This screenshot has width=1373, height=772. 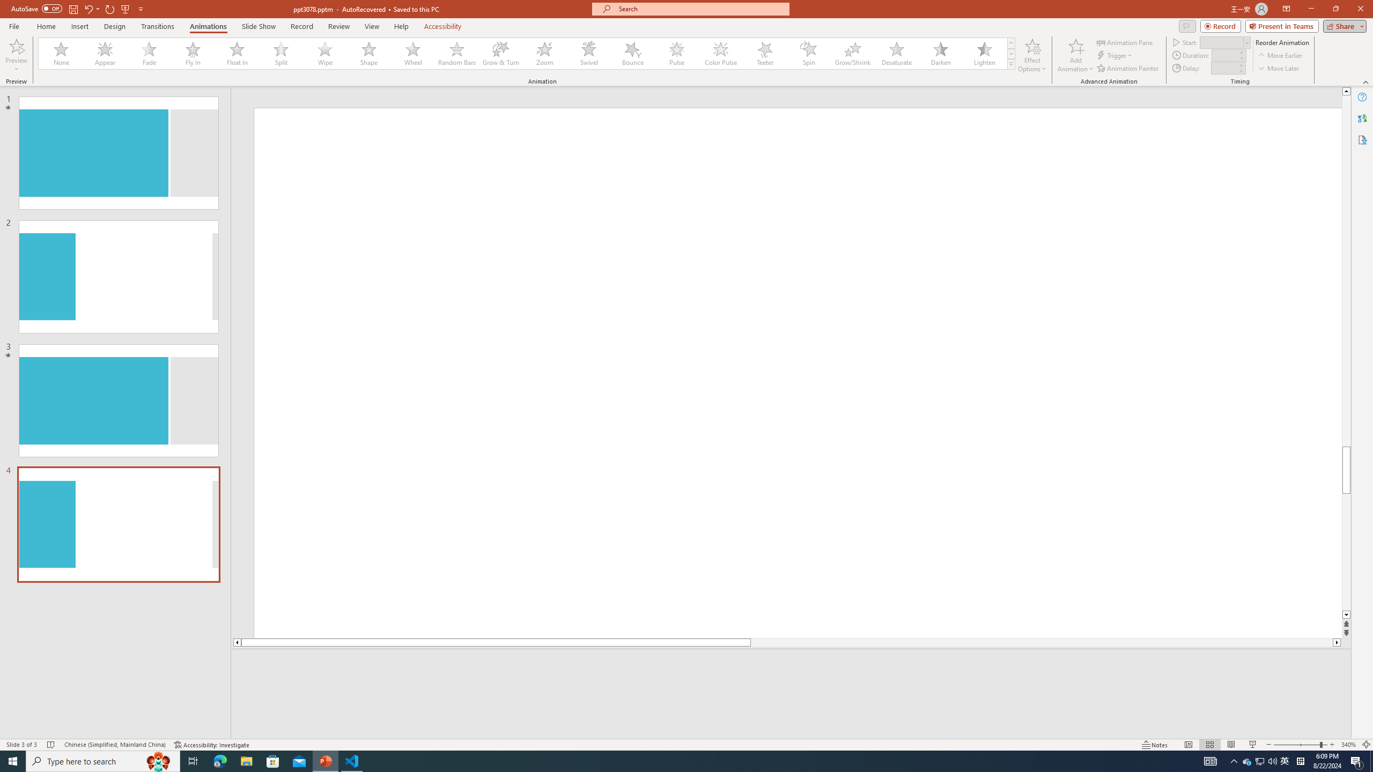 I want to click on 'Add Animation', so click(x=1076, y=55).